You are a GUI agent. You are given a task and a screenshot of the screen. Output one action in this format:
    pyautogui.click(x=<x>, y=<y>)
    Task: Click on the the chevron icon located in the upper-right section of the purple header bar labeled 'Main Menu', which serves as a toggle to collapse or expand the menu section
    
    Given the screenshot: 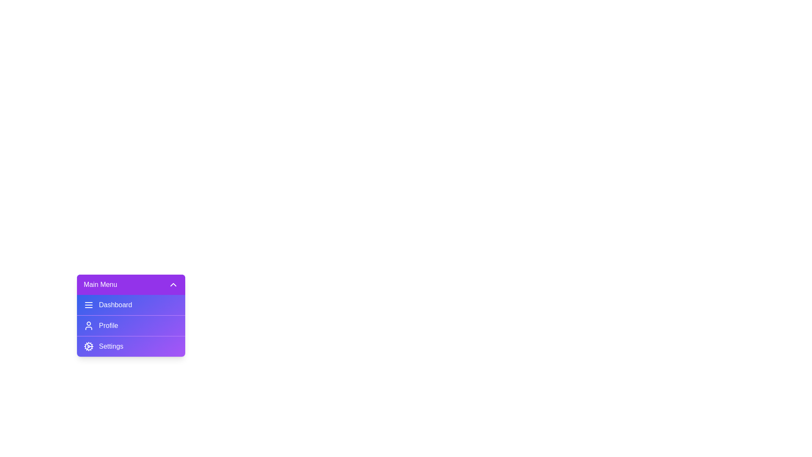 What is the action you would take?
    pyautogui.click(x=173, y=284)
    